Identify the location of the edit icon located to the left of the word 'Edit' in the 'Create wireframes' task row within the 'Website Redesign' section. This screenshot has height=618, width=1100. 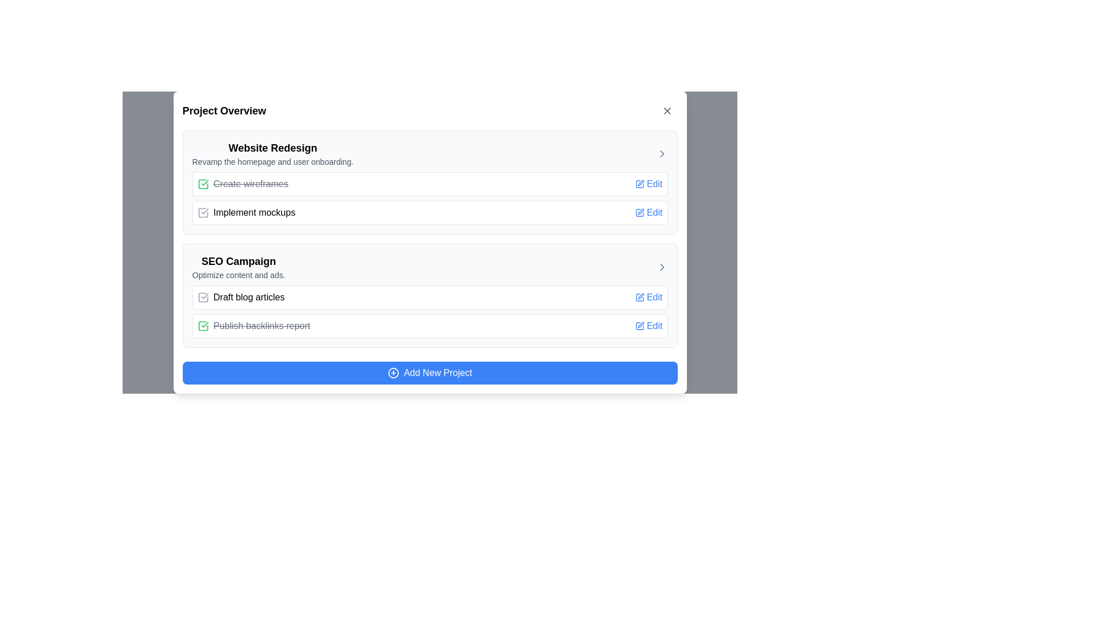
(639, 183).